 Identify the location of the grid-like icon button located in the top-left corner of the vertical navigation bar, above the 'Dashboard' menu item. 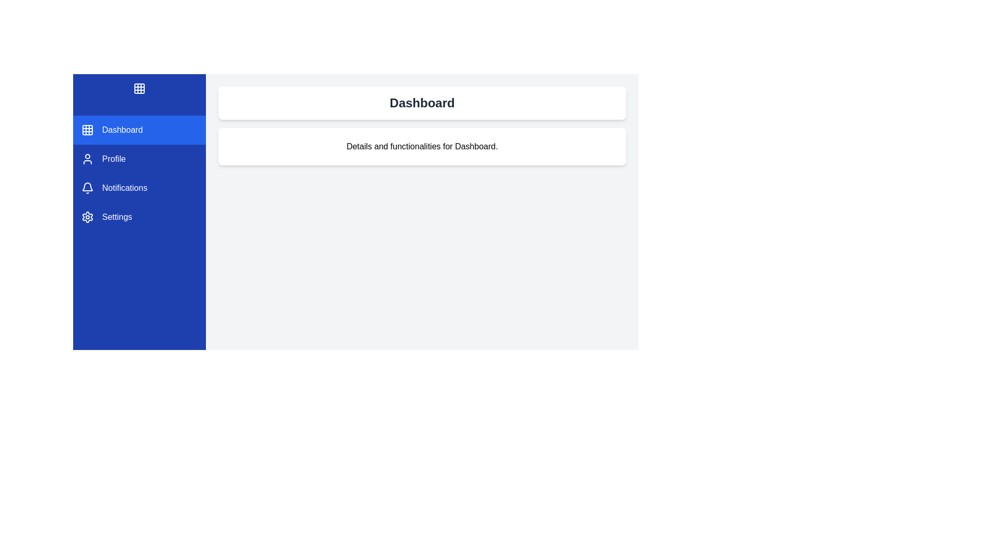
(139, 88).